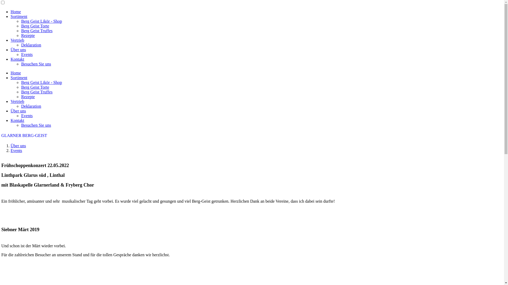 This screenshot has width=508, height=285. What do you see at coordinates (17, 59) in the screenshot?
I see `'Kontakt'` at bounding box center [17, 59].